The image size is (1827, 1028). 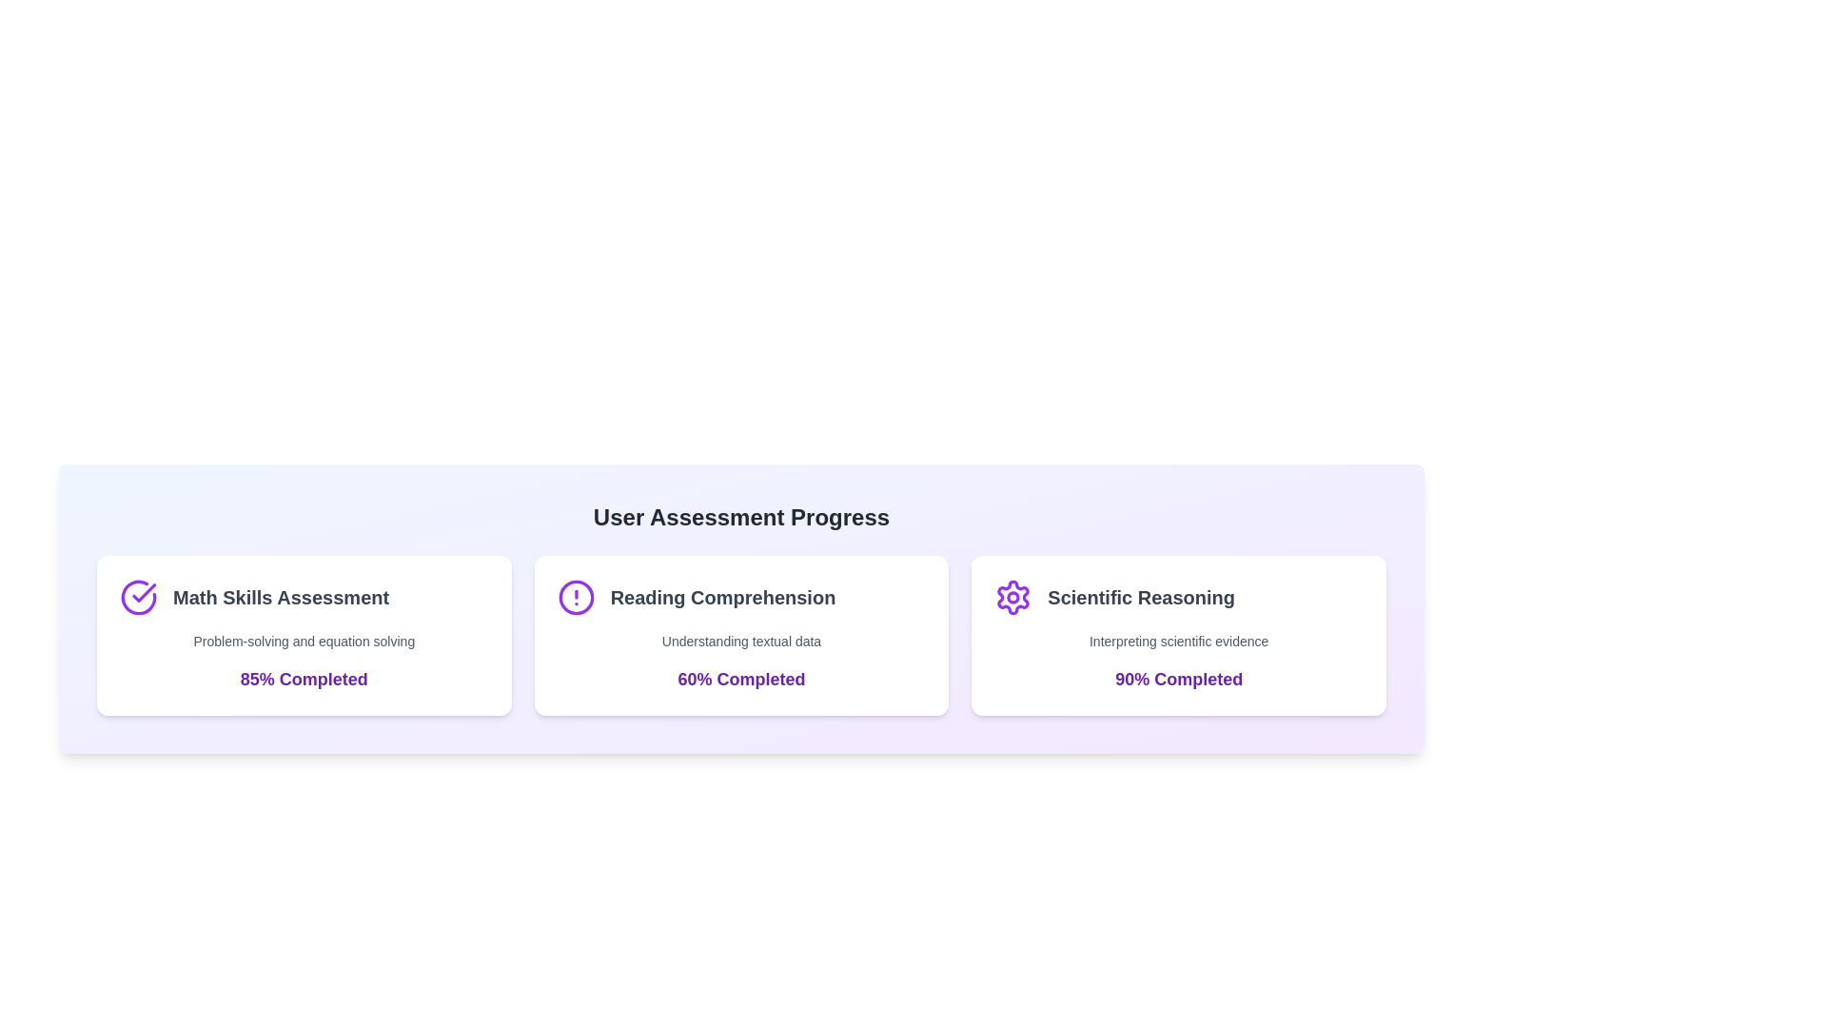 I want to click on label text of the Header with Icon that displays 'Reading Comprehension' next to a purple circular icon with an exclamation mark, so click(x=740, y=597).